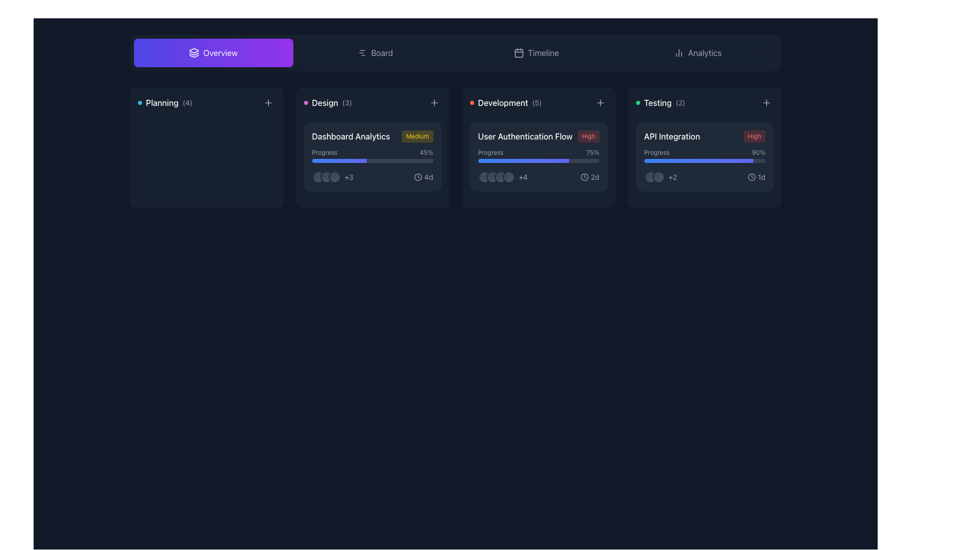 The width and height of the screenshot is (978, 550). Describe the element at coordinates (194, 53) in the screenshot. I see `the icon resembling stacked layers located in the 'Overview' button, which is visually represented in white against a purple gradient background` at that location.